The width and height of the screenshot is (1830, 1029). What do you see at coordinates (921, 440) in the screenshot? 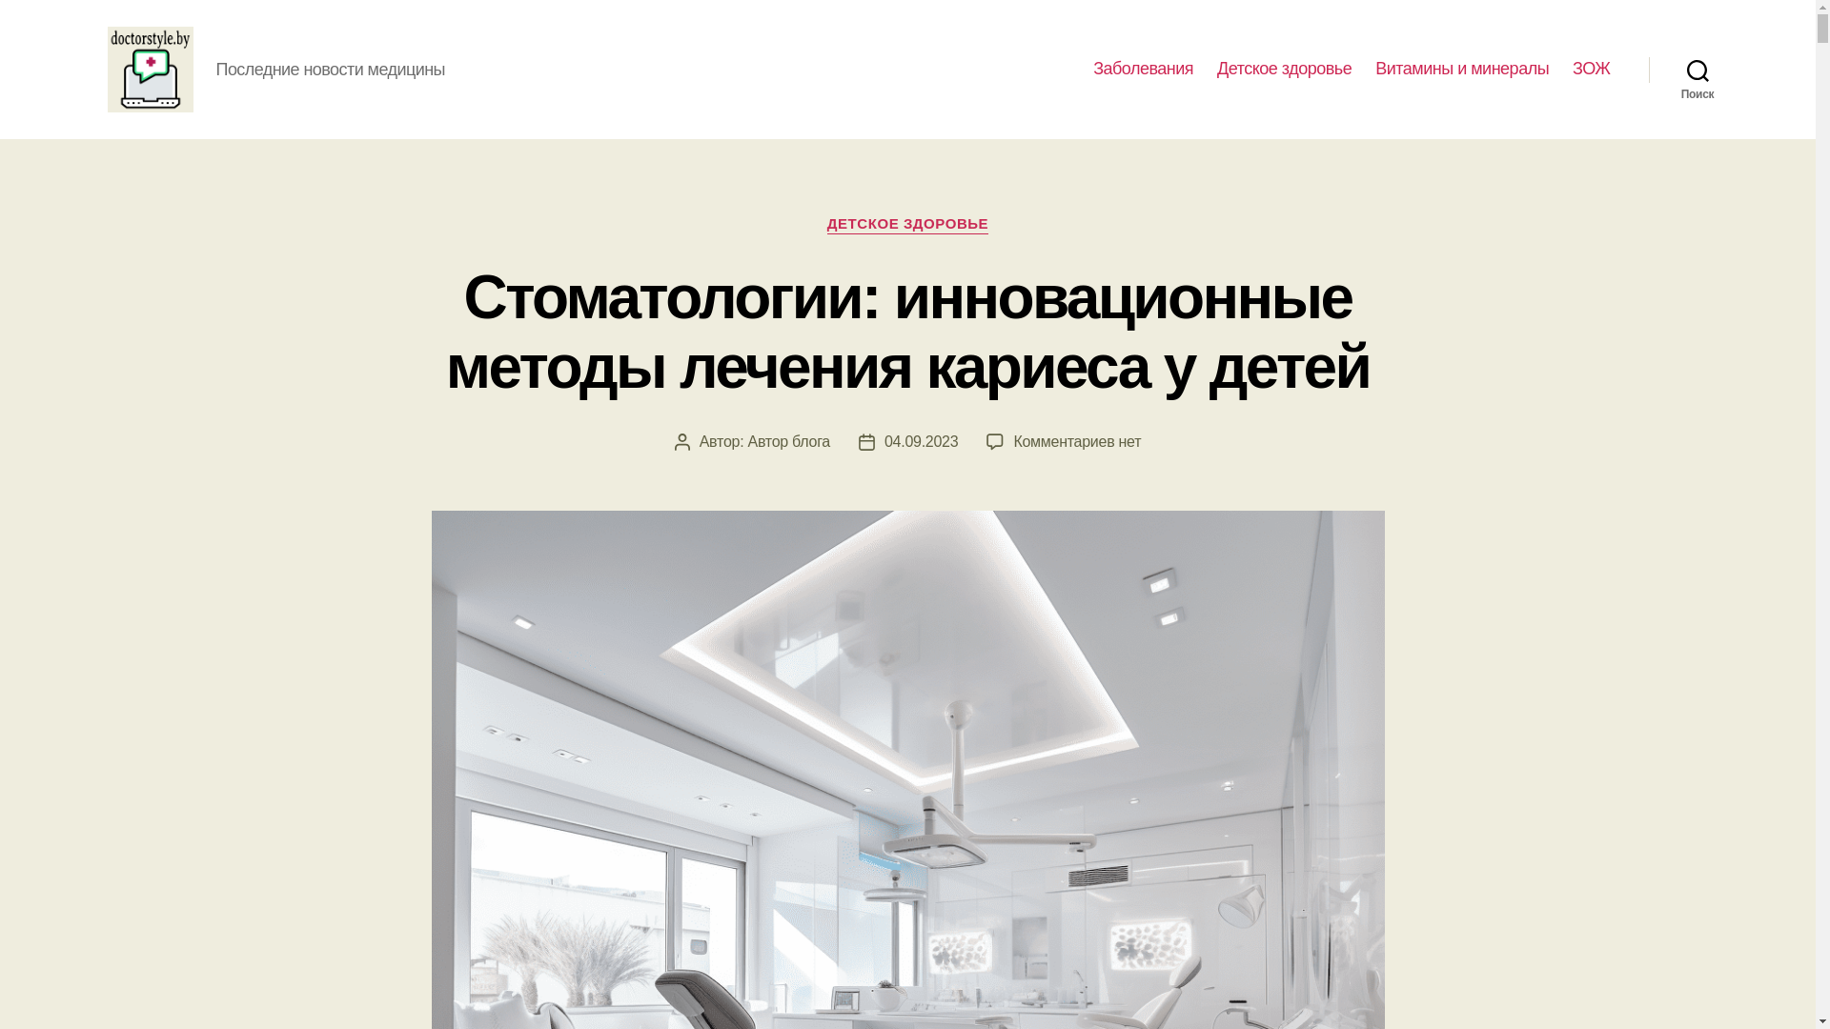
I see `'04.09.2023'` at bounding box center [921, 440].